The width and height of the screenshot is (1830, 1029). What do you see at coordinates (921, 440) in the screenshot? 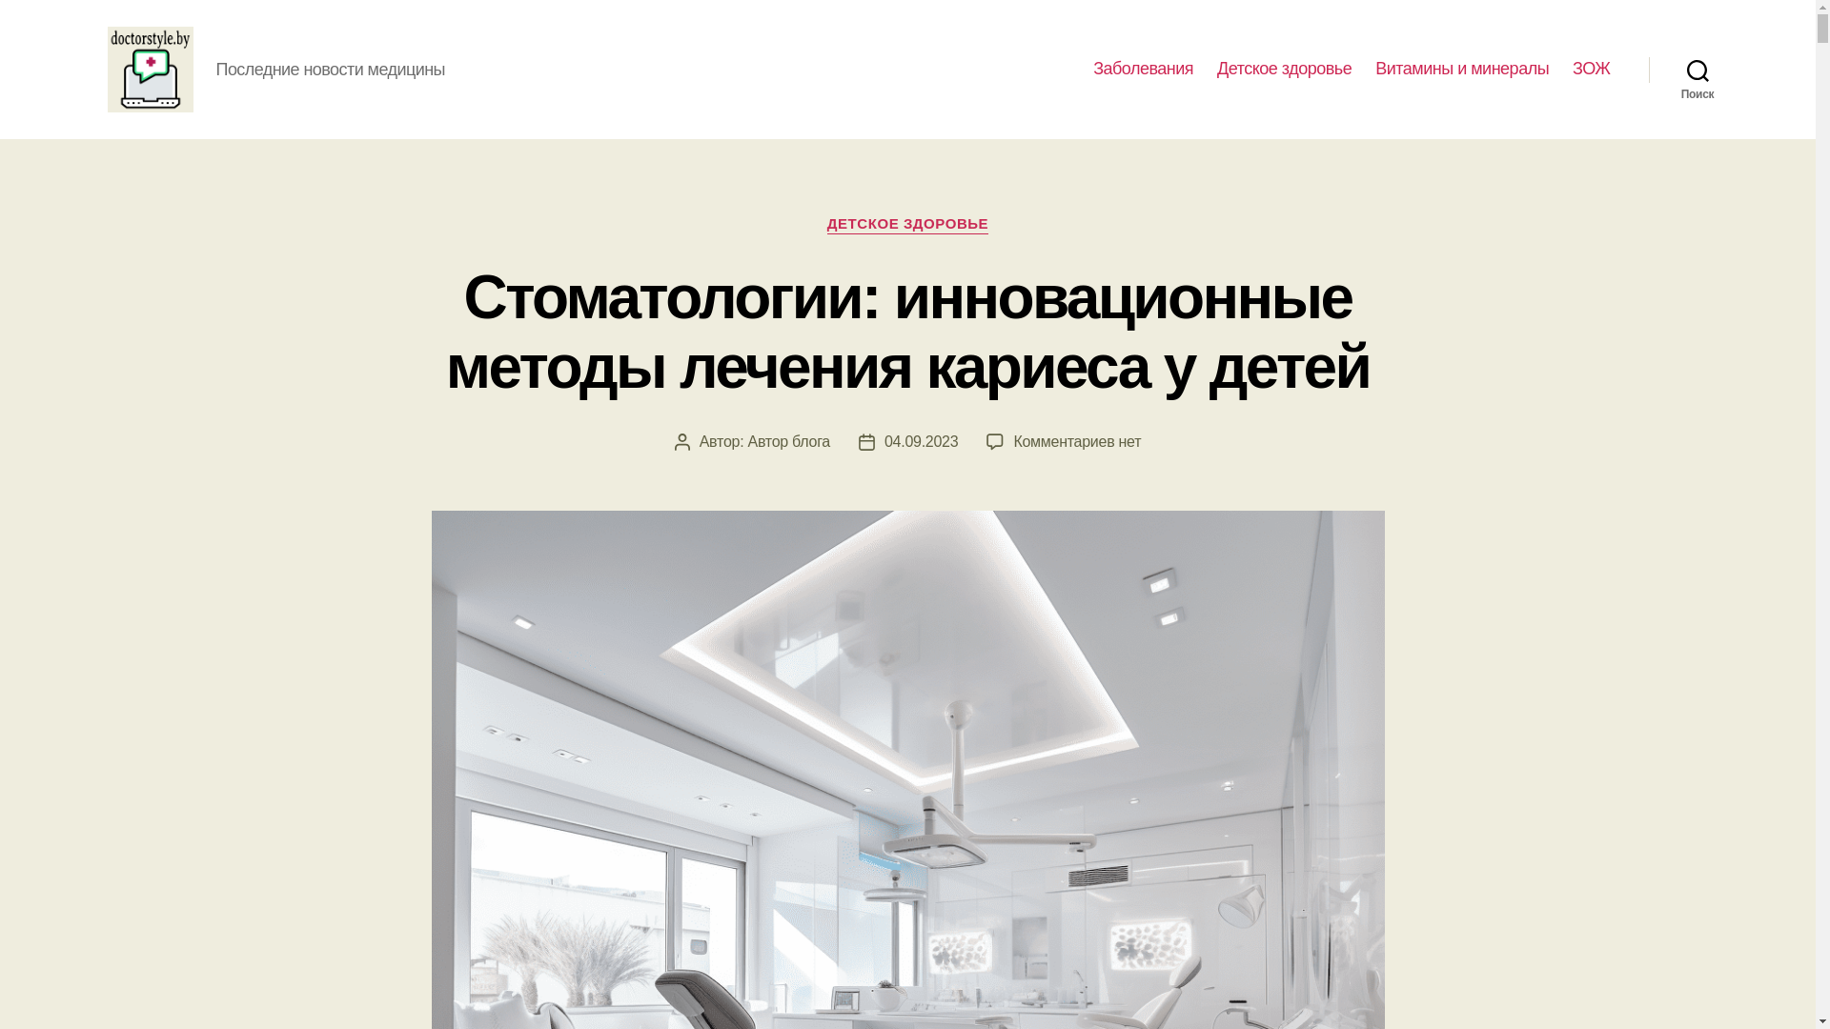
I see `'04.09.2023'` at bounding box center [921, 440].